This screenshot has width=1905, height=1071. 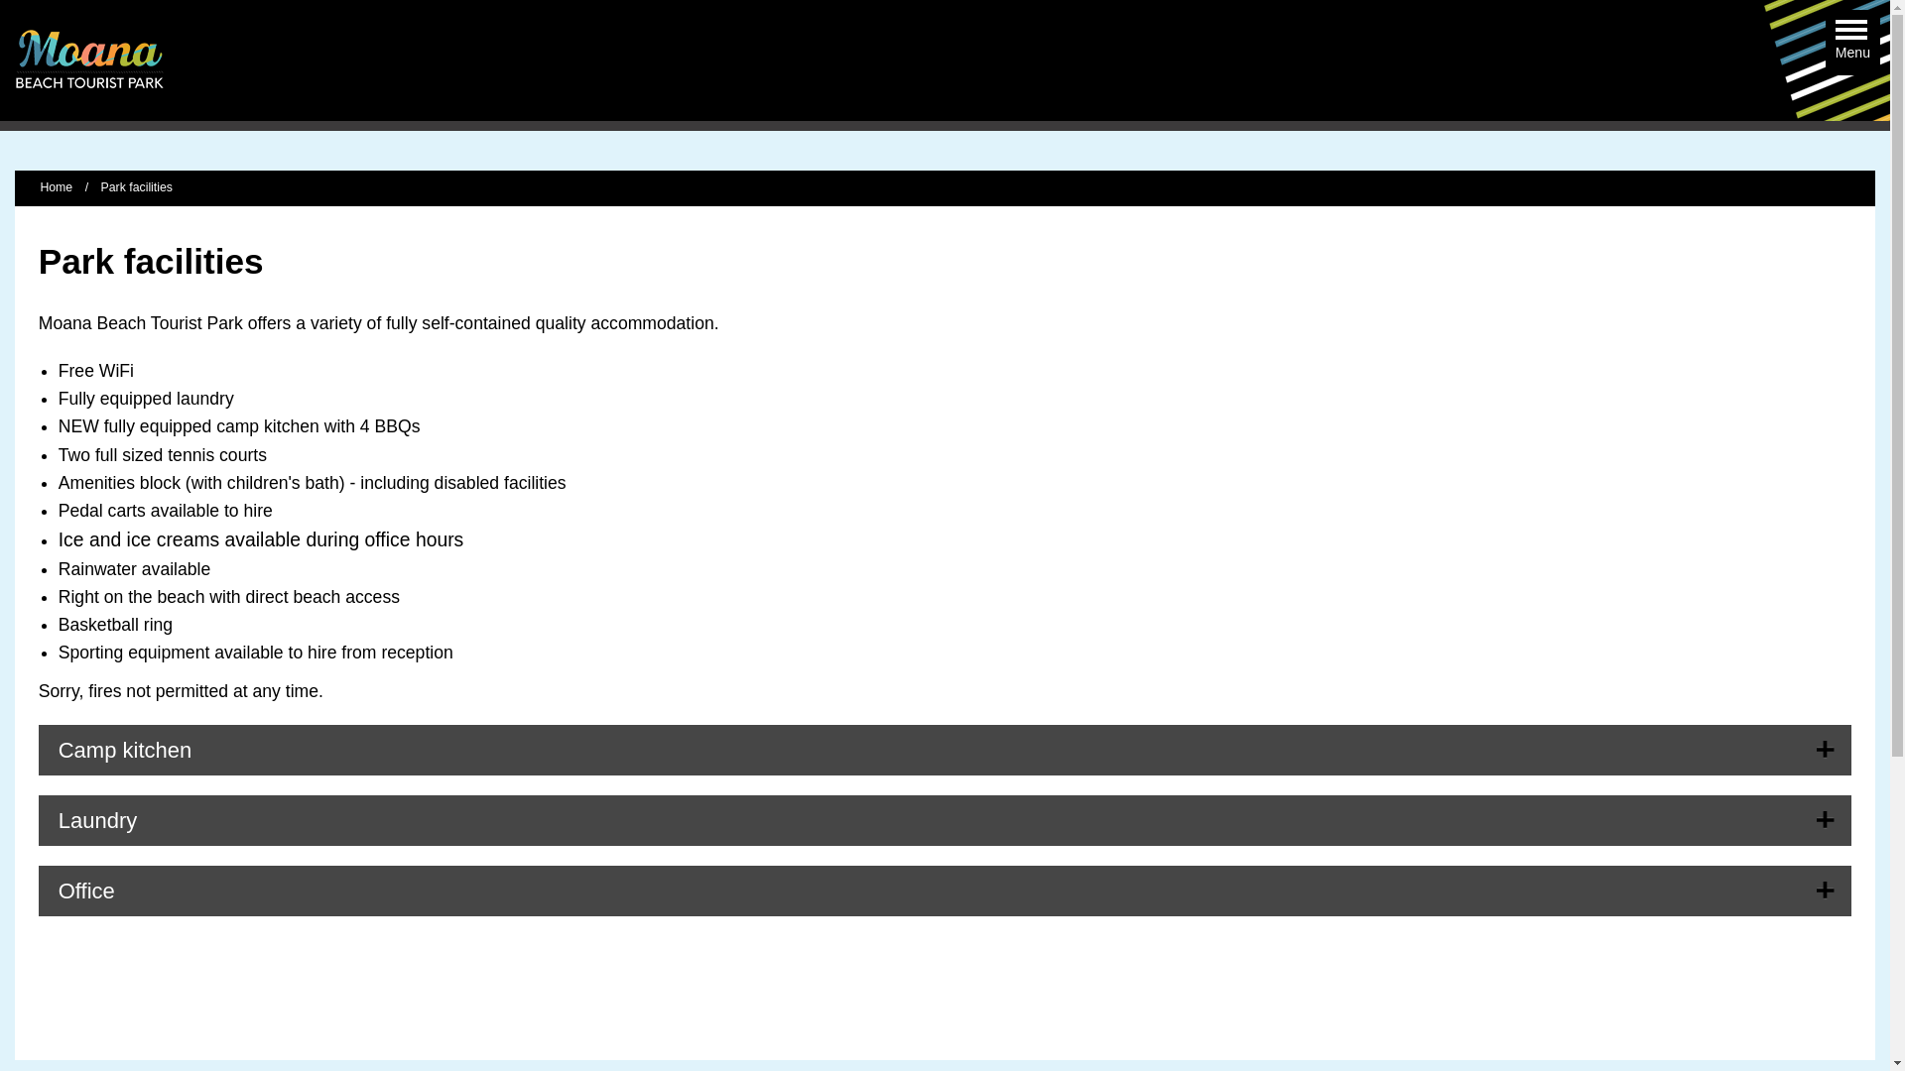 I want to click on 'Menu', so click(x=1834, y=33).